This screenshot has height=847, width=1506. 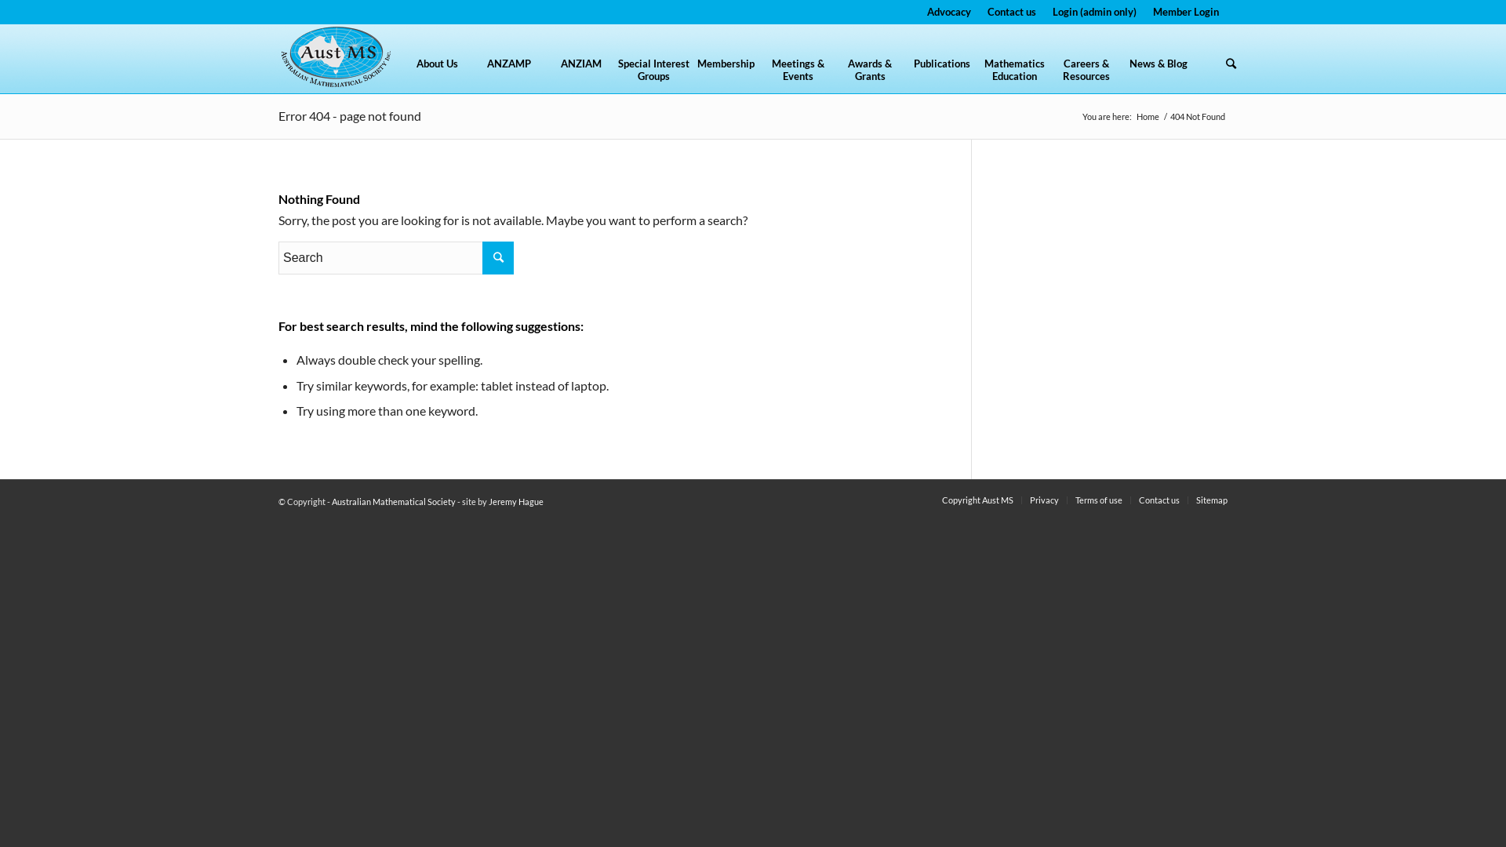 I want to click on 'Member Login', so click(x=1186, y=12).